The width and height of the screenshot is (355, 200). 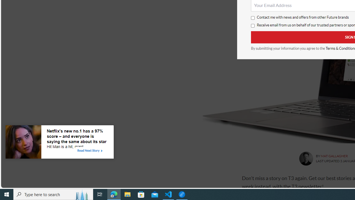 I want to click on 'Class: tbl-arrow-icon arrow-2', so click(x=102, y=151).